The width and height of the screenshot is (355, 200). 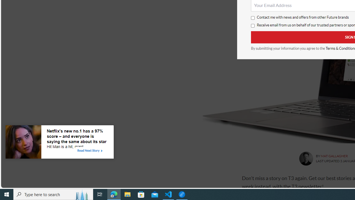 I want to click on 'Class: tbl-arrow-icon arrow-2', so click(x=102, y=151).